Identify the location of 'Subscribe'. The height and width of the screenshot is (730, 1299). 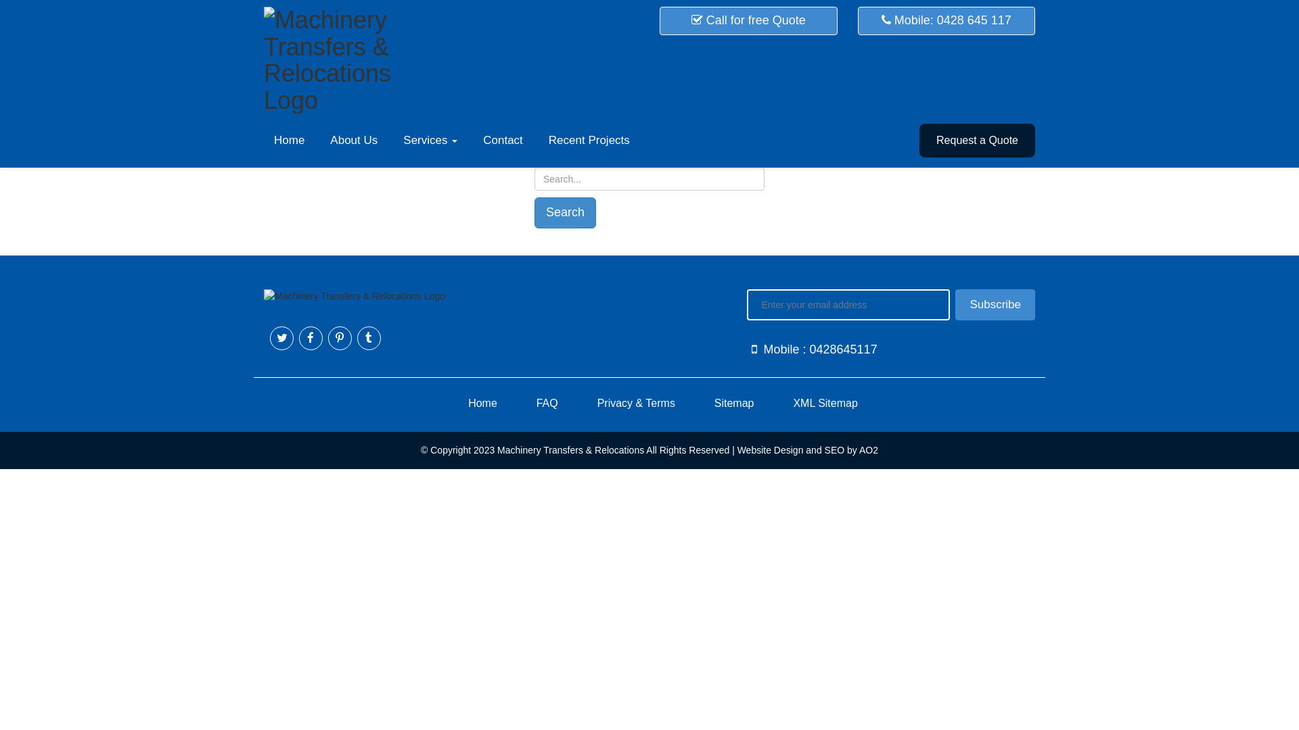
(995, 305).